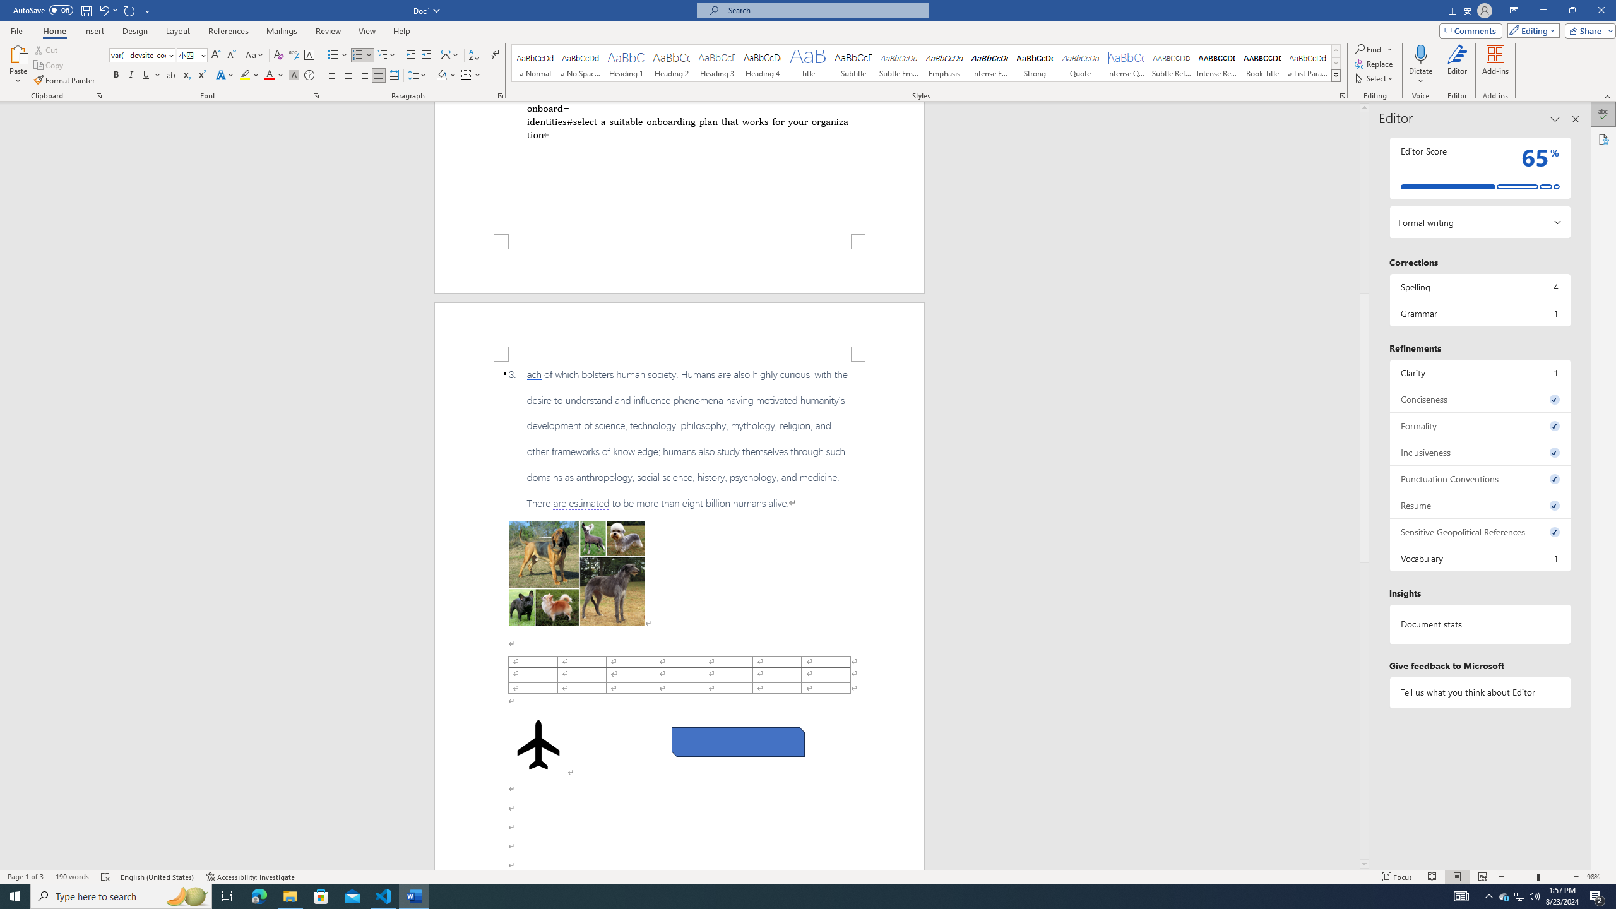  I want to click on 'Focus ', so click(1397, 877).